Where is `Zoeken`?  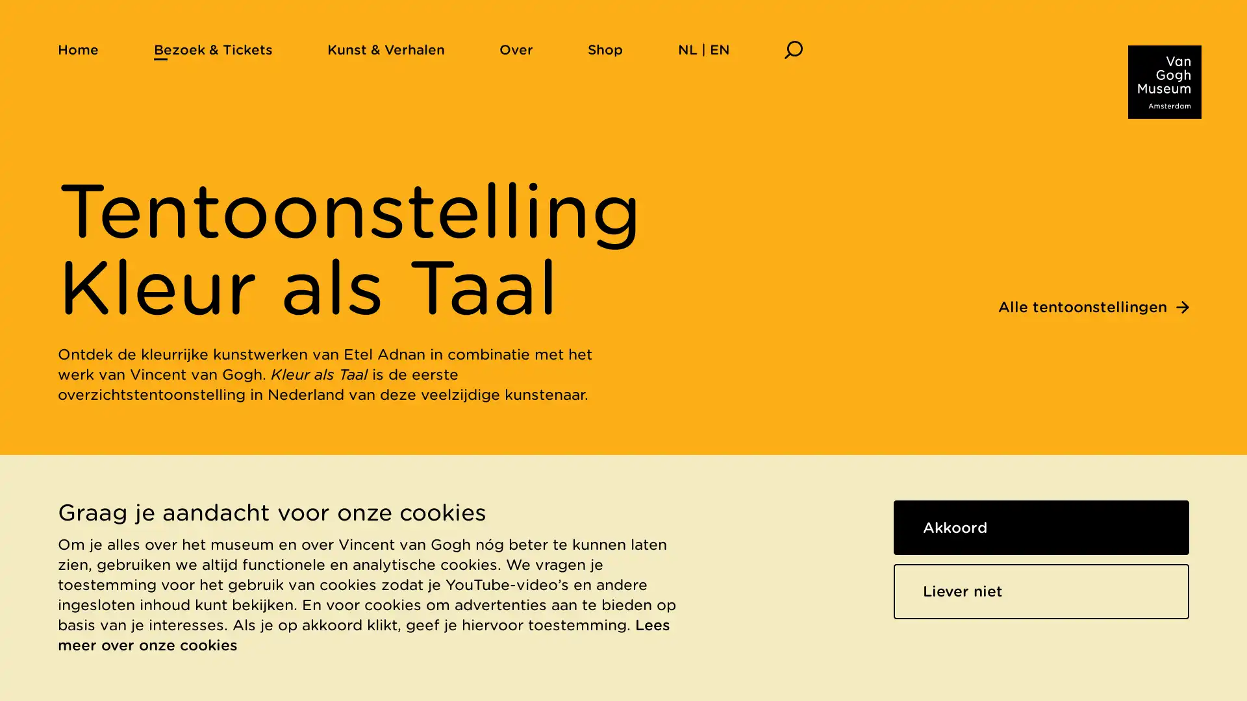
Zoeken is located at coordinates (792, 49).